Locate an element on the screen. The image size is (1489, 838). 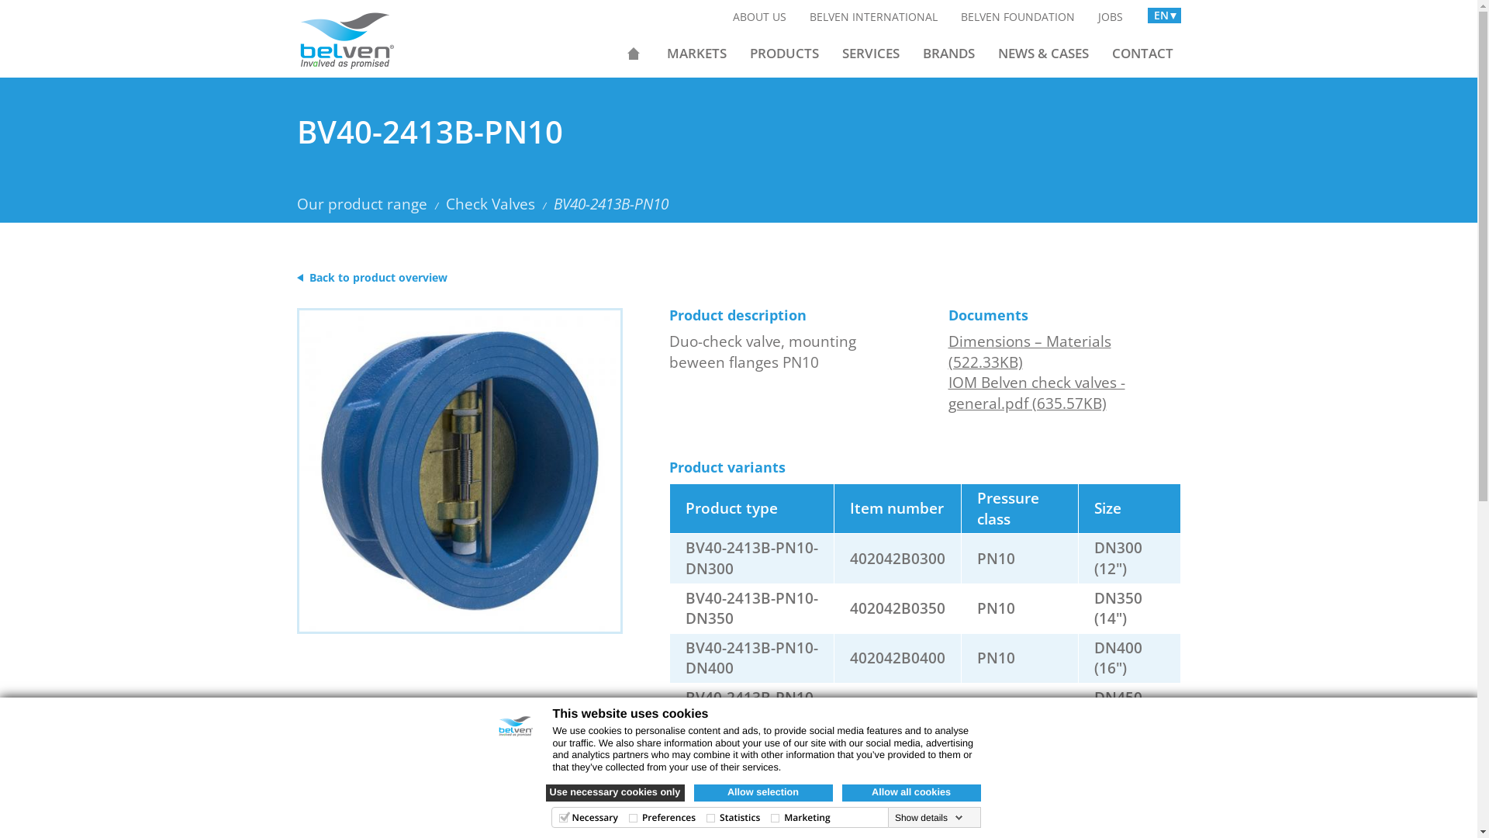
'IOM Belven check valves - general.pdf (635.57KB)' is located at coordinates (1035, 392).